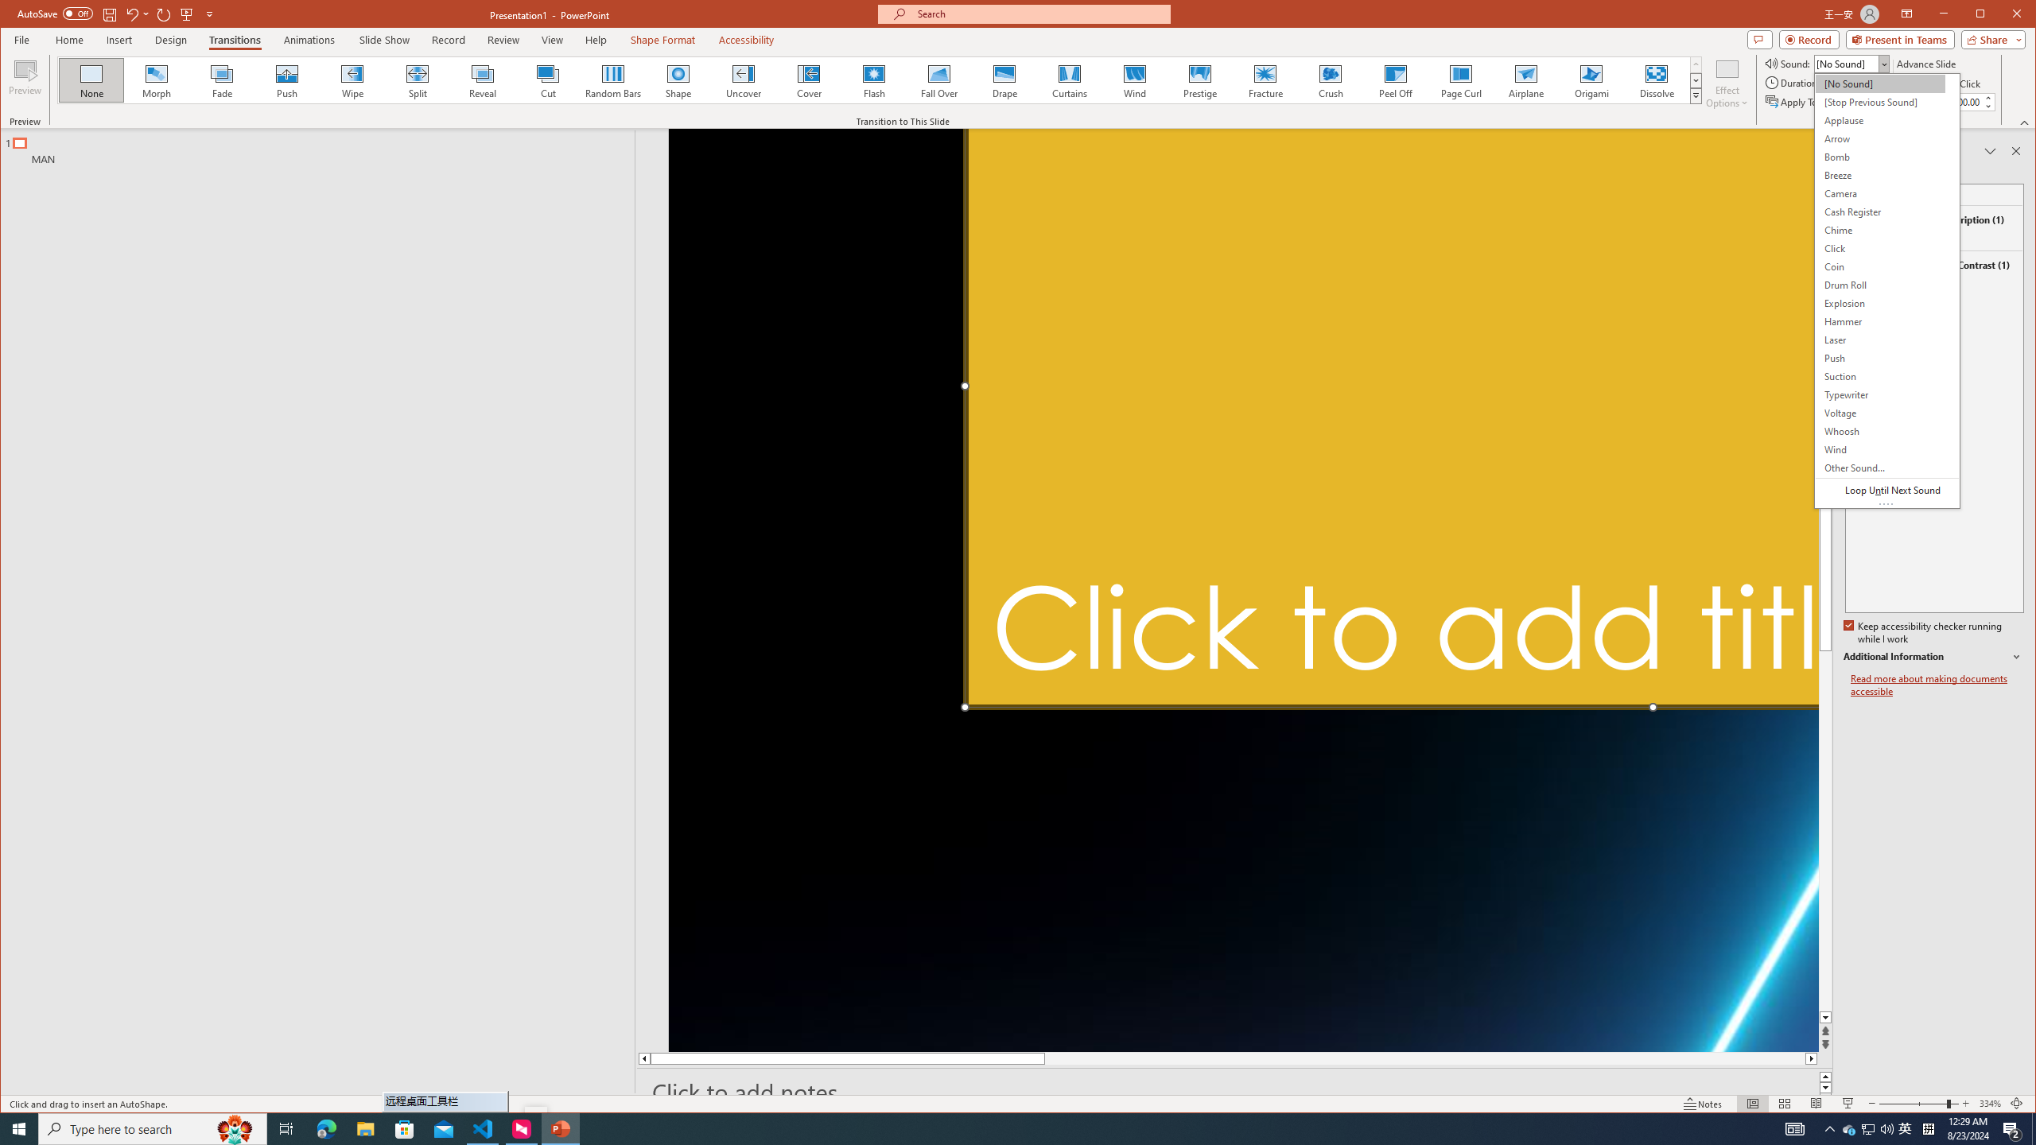 The height and width of the screenshot is (1145, 2036). I want to click on 'Wind', so click(1133, 80).